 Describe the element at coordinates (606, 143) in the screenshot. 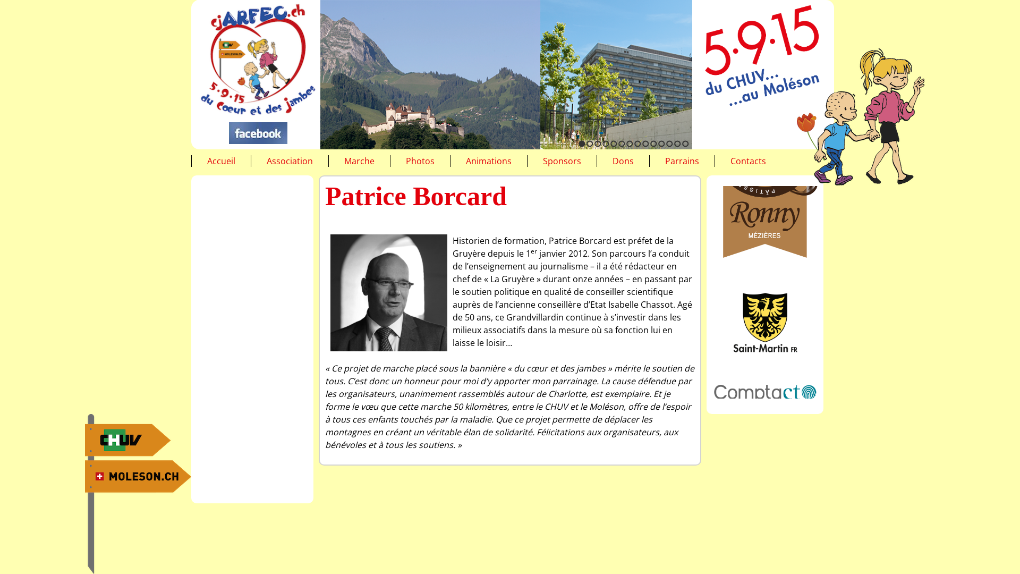

I see `'4'` at that location.